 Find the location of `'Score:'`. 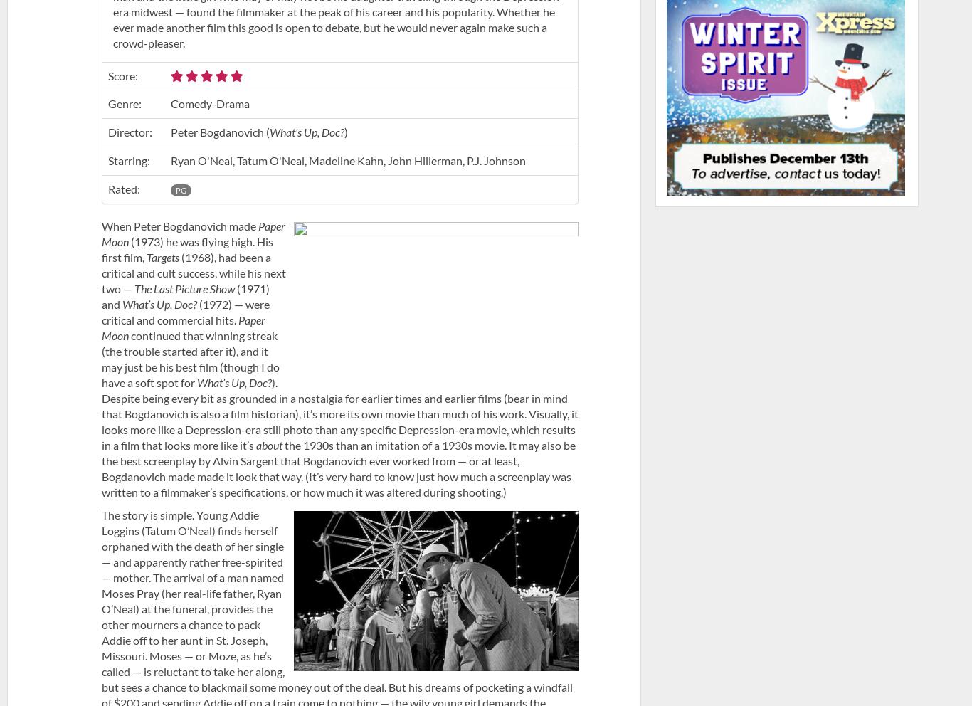

'Score:' is located at coordinates (122, 74).